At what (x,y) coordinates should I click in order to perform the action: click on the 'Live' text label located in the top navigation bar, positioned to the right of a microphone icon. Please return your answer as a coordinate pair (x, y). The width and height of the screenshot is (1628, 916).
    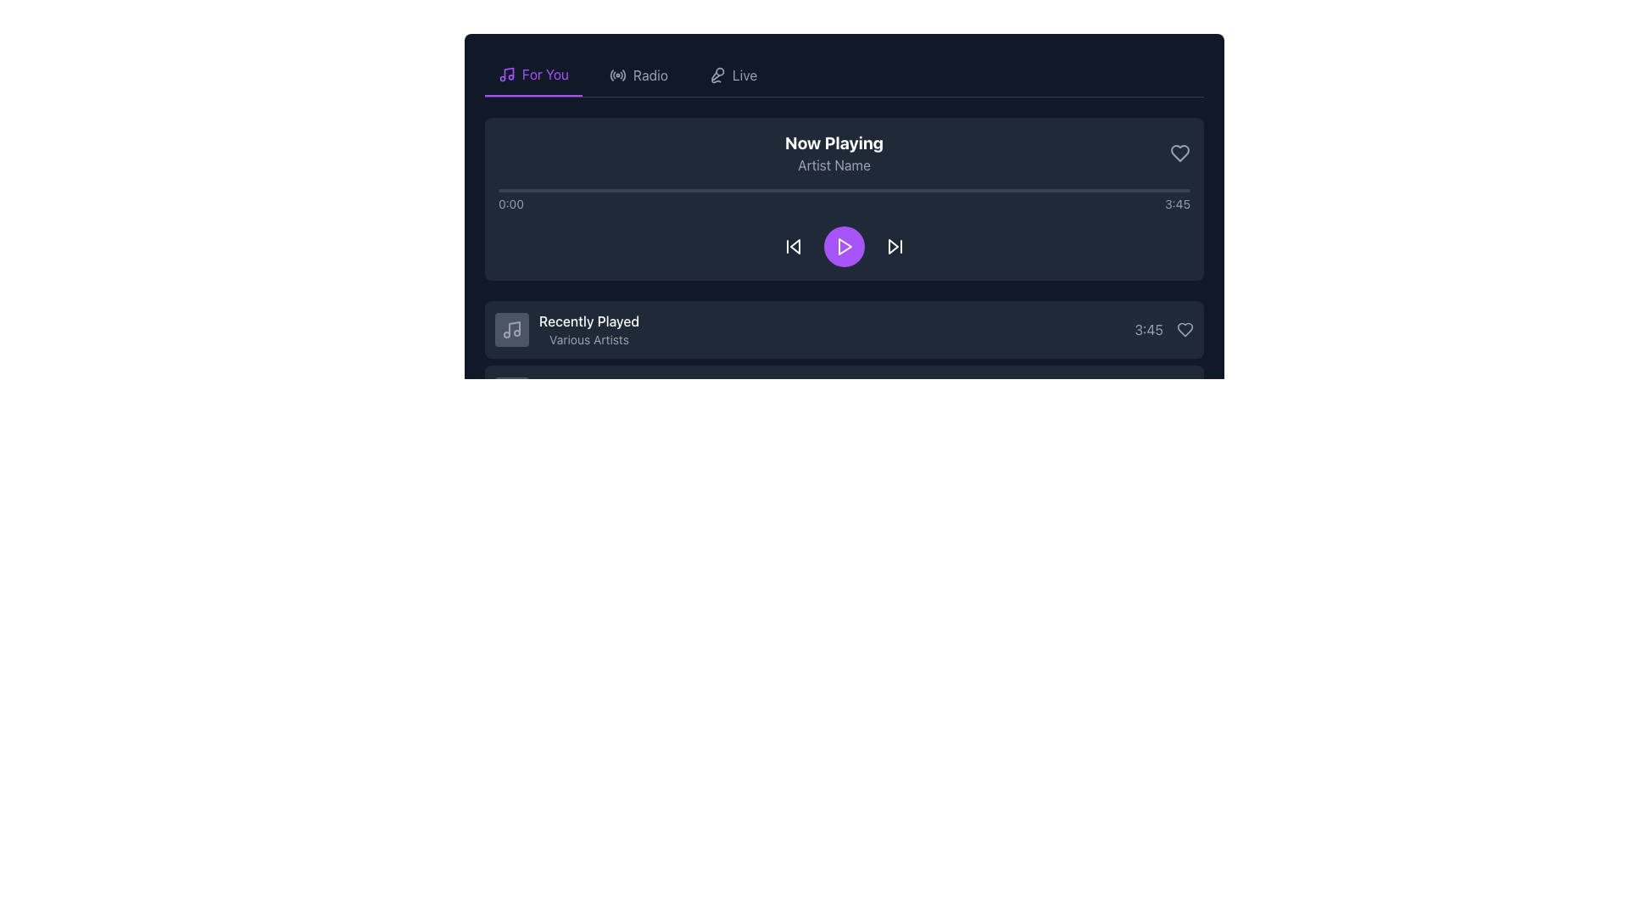
    Looking at the image, I should click on (744, 74).